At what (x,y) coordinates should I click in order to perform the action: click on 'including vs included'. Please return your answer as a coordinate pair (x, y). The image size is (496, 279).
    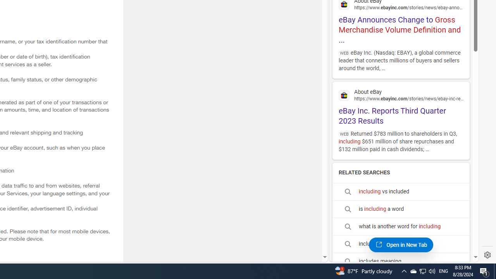
    Looking at the image, I should click on (401, 192).